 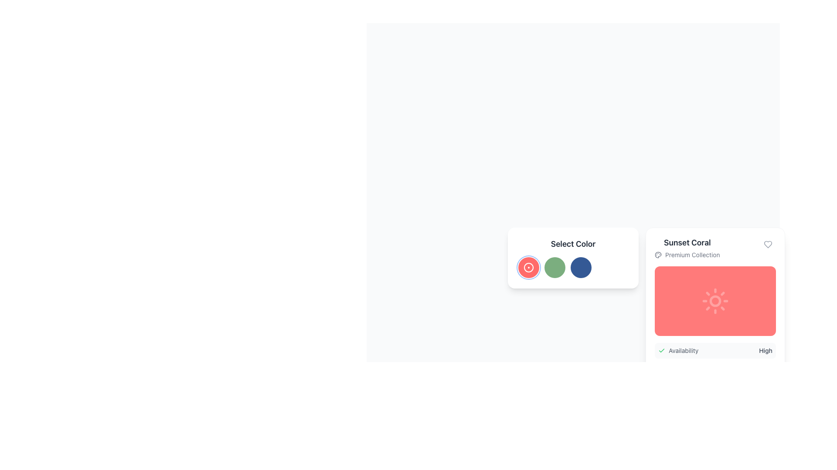 What do you see at coordinates (554, 267) in the screenshot?
I see `the green color selection button, which is the second button in a row of three circular buttons, located between the red button and the blue button` at bounding box center [554, 267].